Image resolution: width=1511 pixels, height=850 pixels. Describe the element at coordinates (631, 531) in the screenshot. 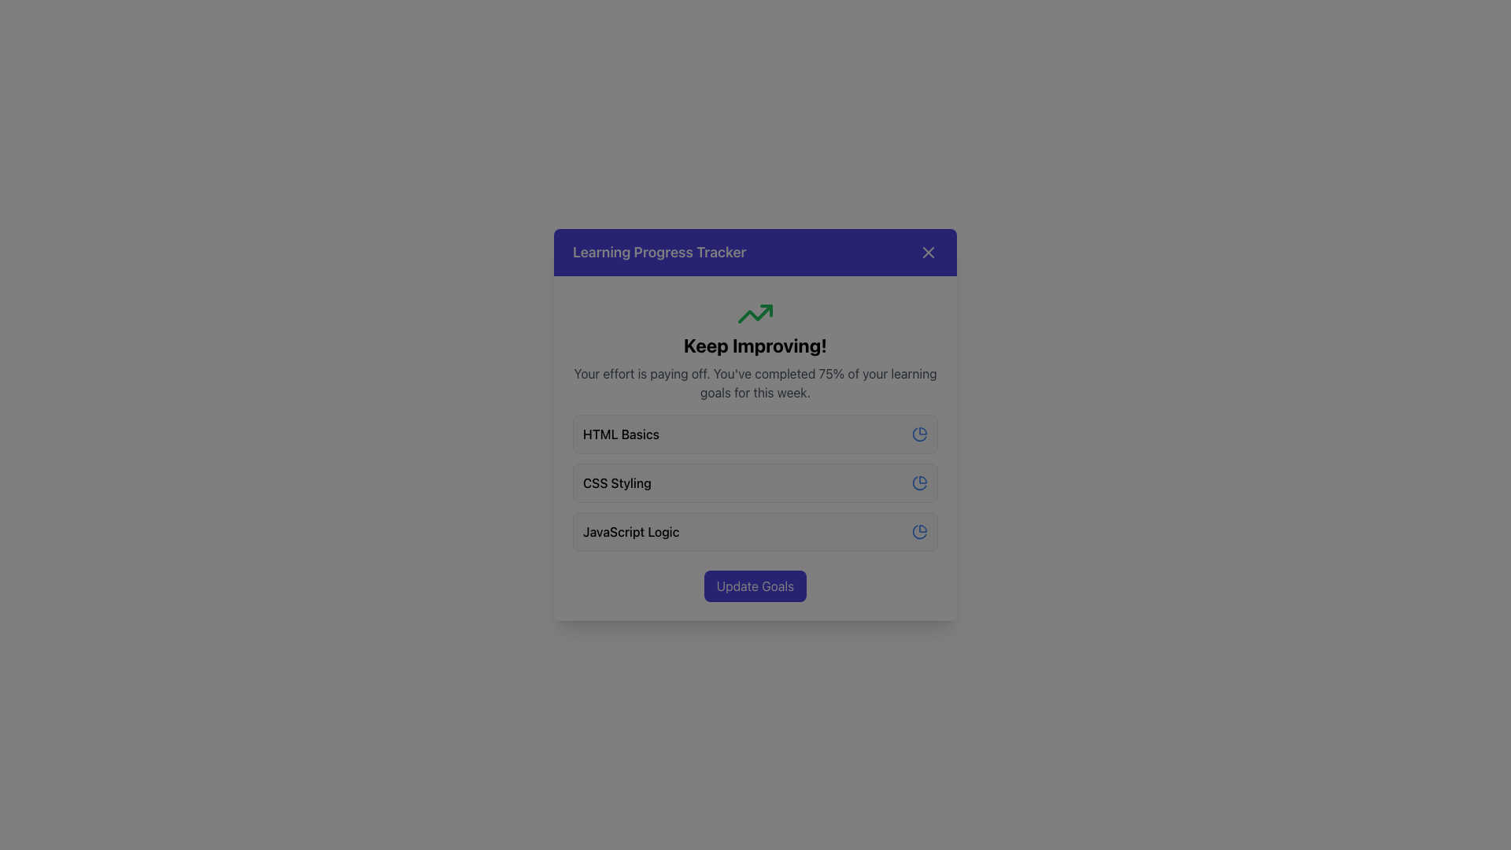

I see `the text label representing a course or topic related to JavaScript logic, which is the third item in a vertically stacked list and aligned with 'CSS Styling' above` at that location.